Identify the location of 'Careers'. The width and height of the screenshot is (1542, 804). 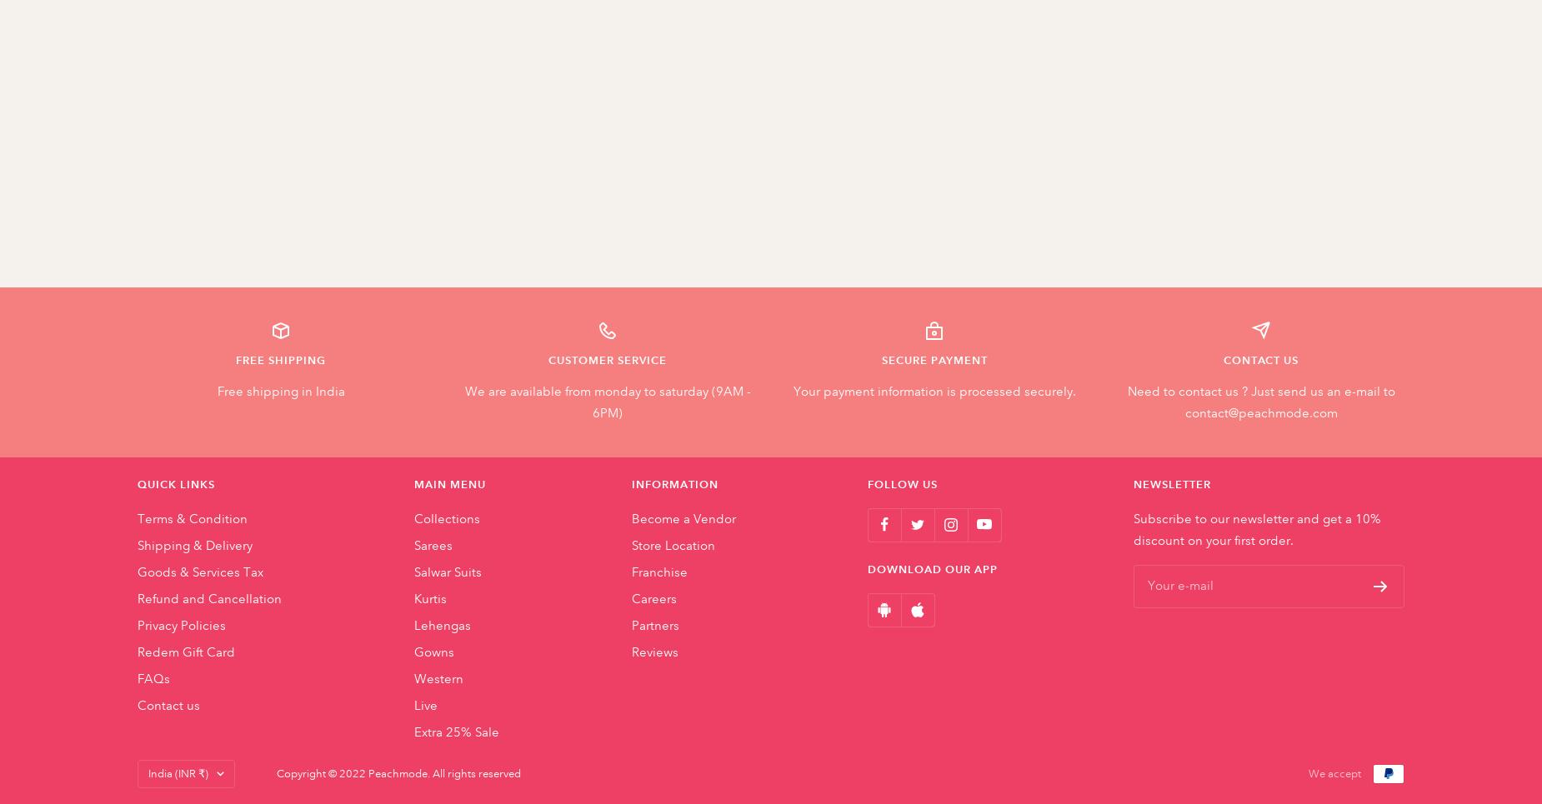
(653, 597).